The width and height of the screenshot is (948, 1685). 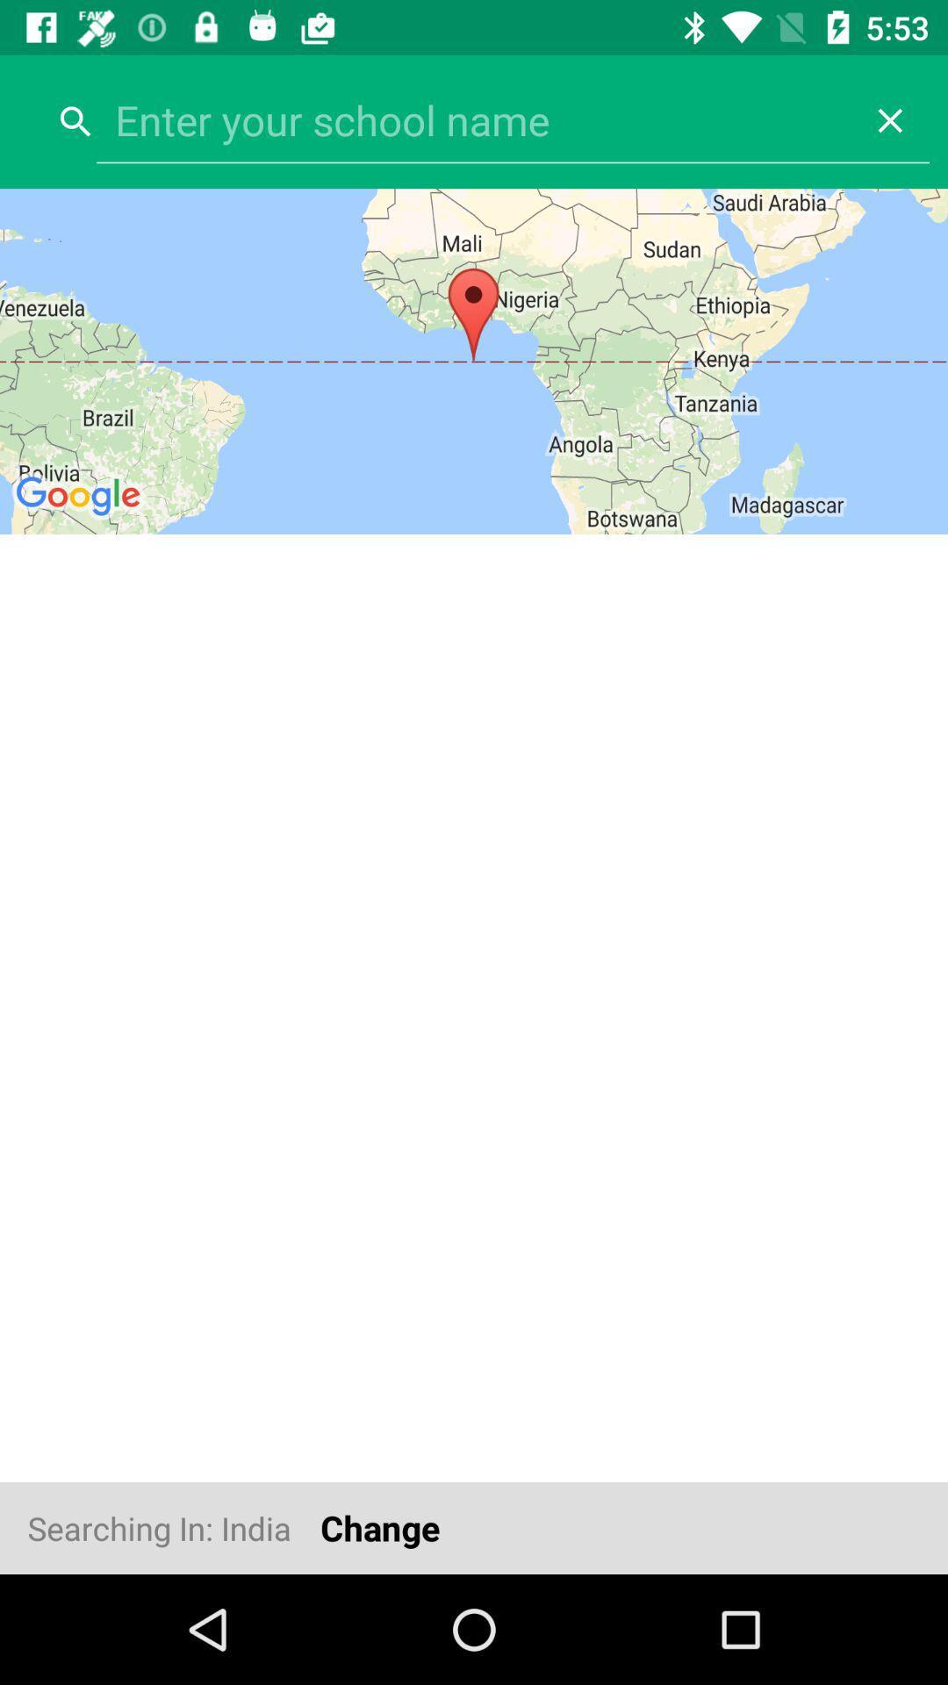 I want to click on share the school article, so click(x=474, y=119).